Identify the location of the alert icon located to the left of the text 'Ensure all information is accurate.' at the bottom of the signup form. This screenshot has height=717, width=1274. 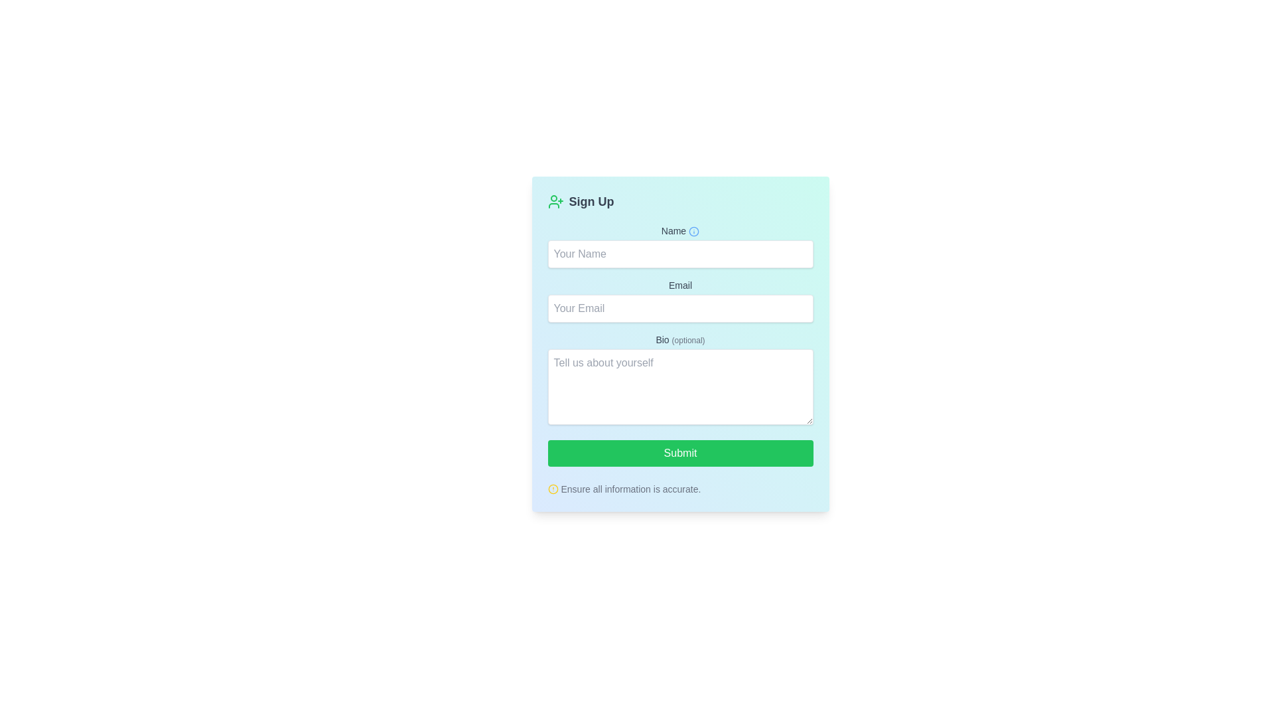
(553, 489).